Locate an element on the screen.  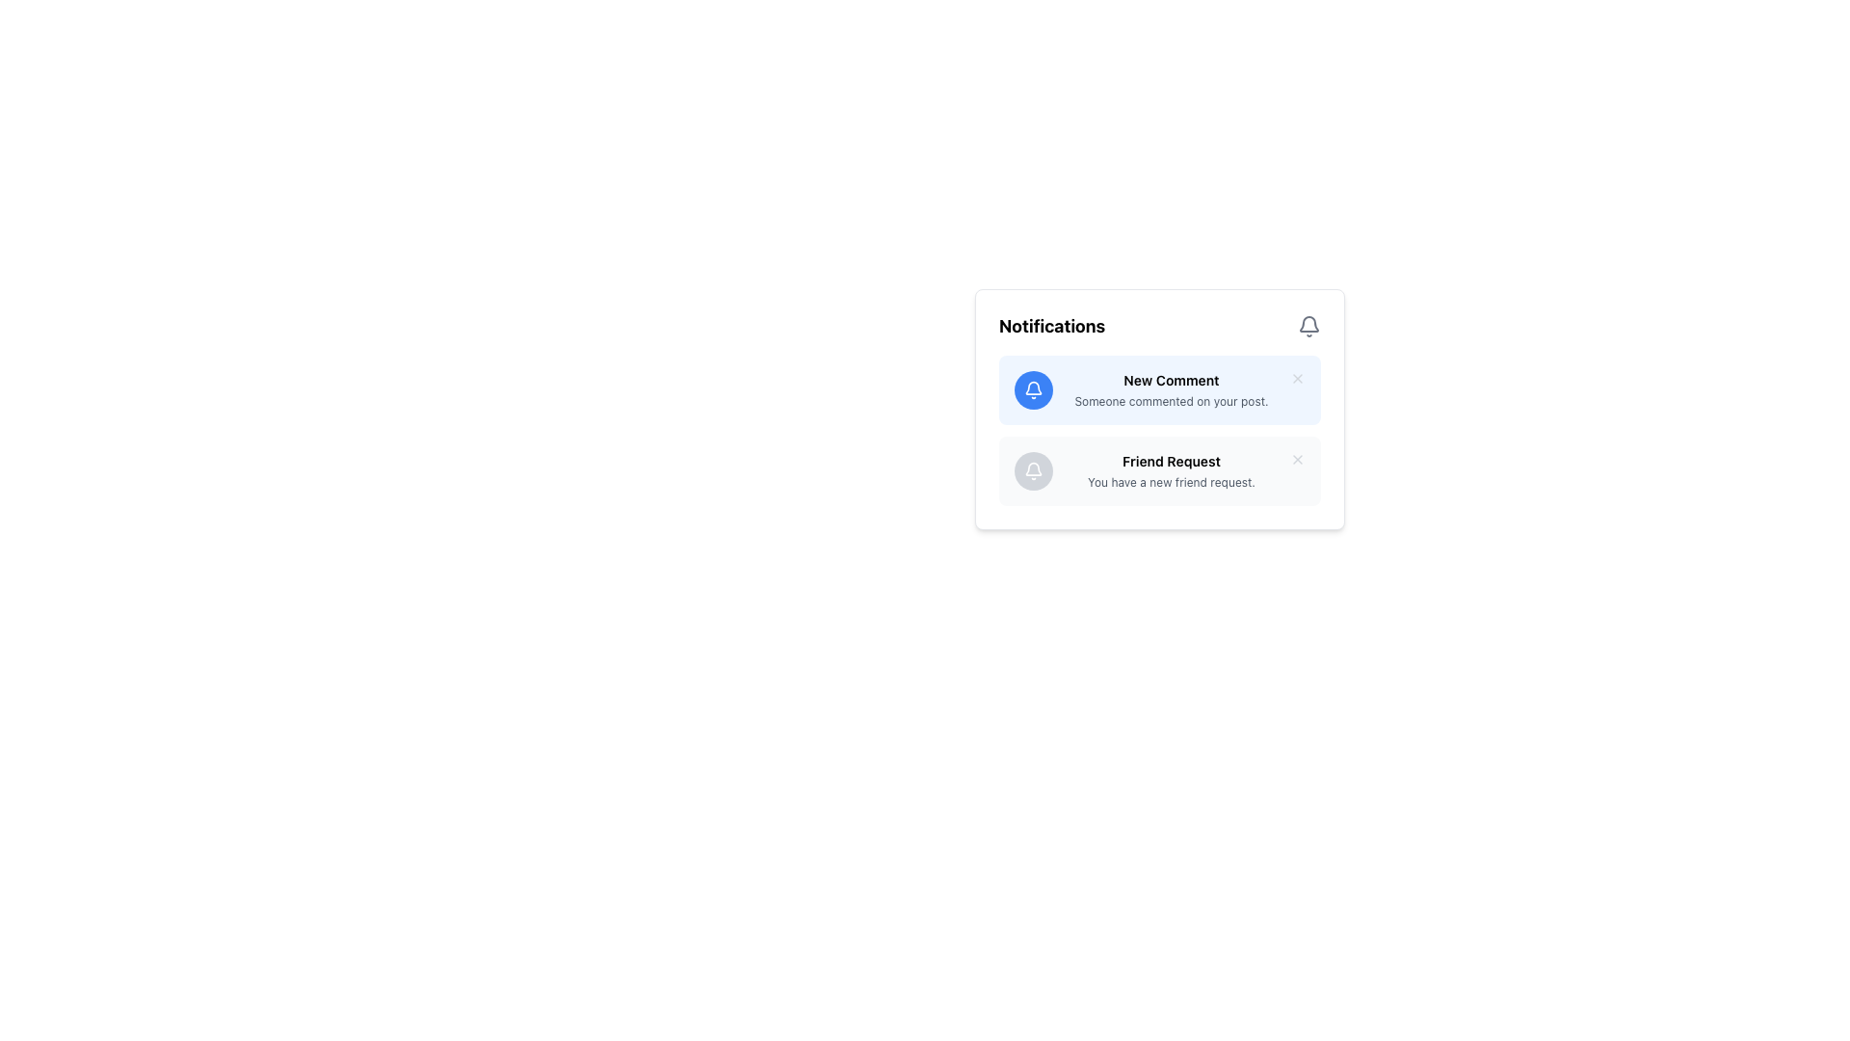
the informational text element that indicates receiving a new friend request, located below the 'Friend Request' label in the notification section is located at coordinates (1170, 482).